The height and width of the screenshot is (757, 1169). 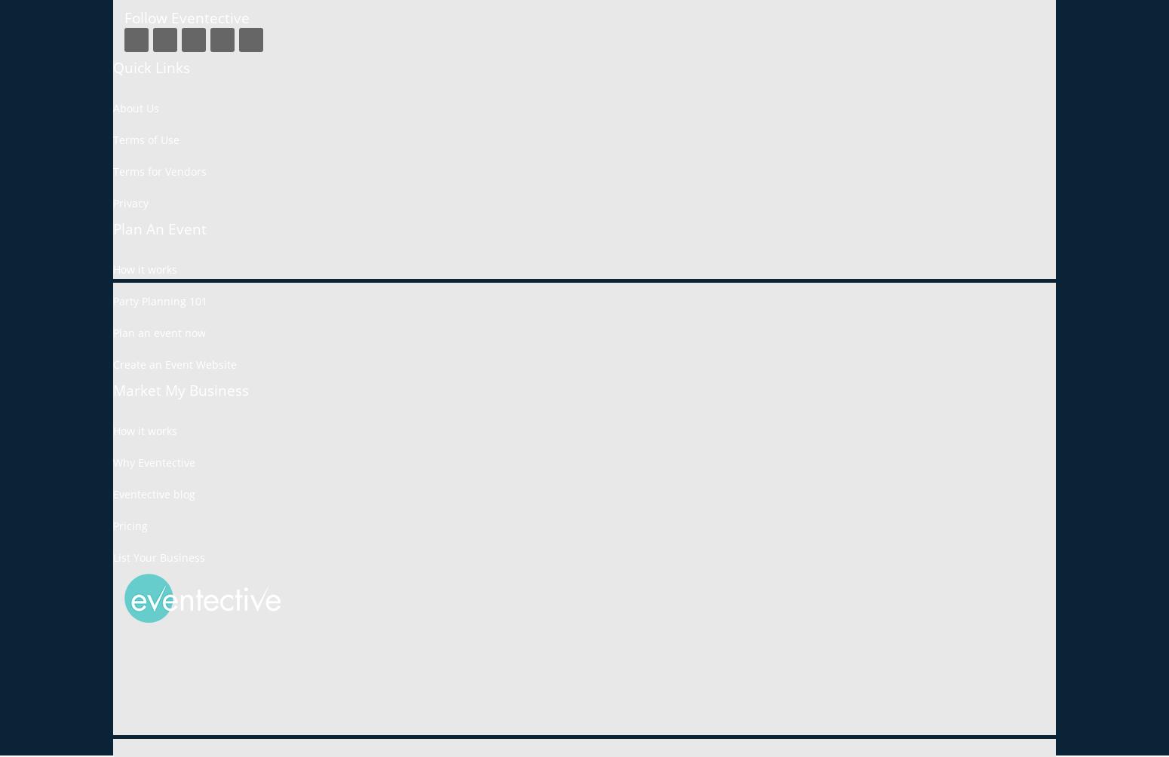 I want to click on 'Follow Eventective', so click(x=187, y=17).